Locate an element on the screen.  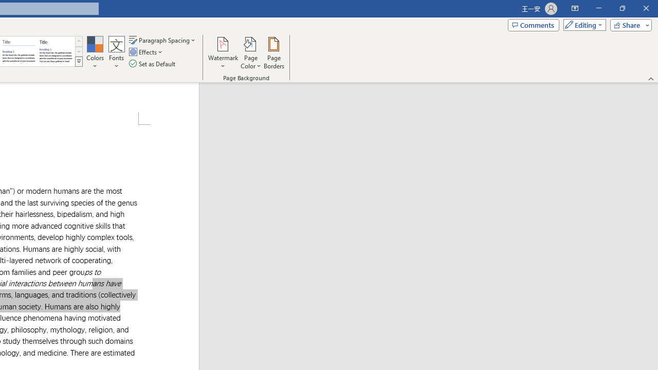
'Page Borders...' is located at coordinates (274, 53).